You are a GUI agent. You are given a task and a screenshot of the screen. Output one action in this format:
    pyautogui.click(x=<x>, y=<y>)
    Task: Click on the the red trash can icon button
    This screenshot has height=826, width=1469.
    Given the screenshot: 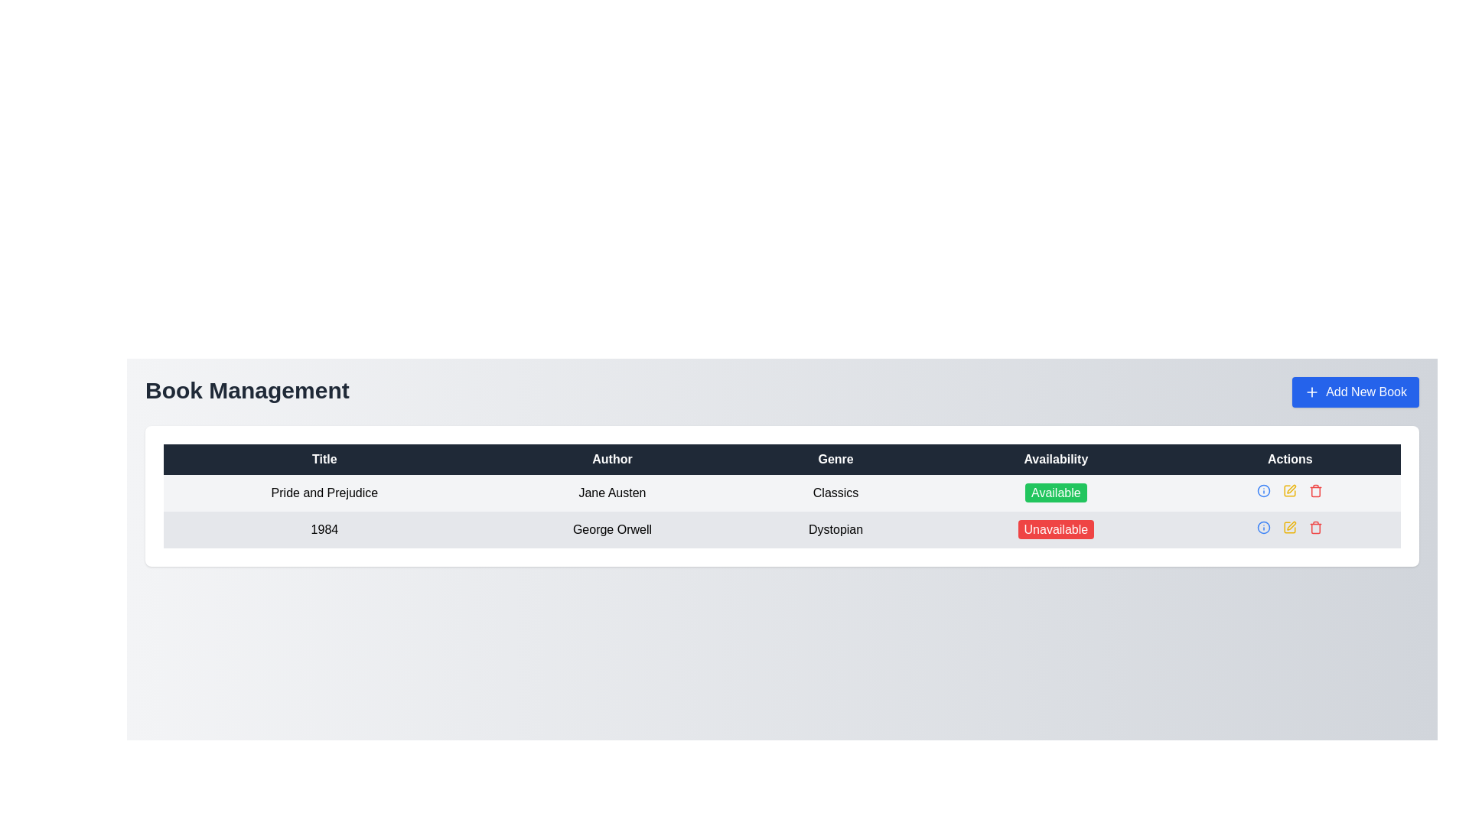 What is the action you would take?
    pyautogui.click(x=1315, y=490)
    